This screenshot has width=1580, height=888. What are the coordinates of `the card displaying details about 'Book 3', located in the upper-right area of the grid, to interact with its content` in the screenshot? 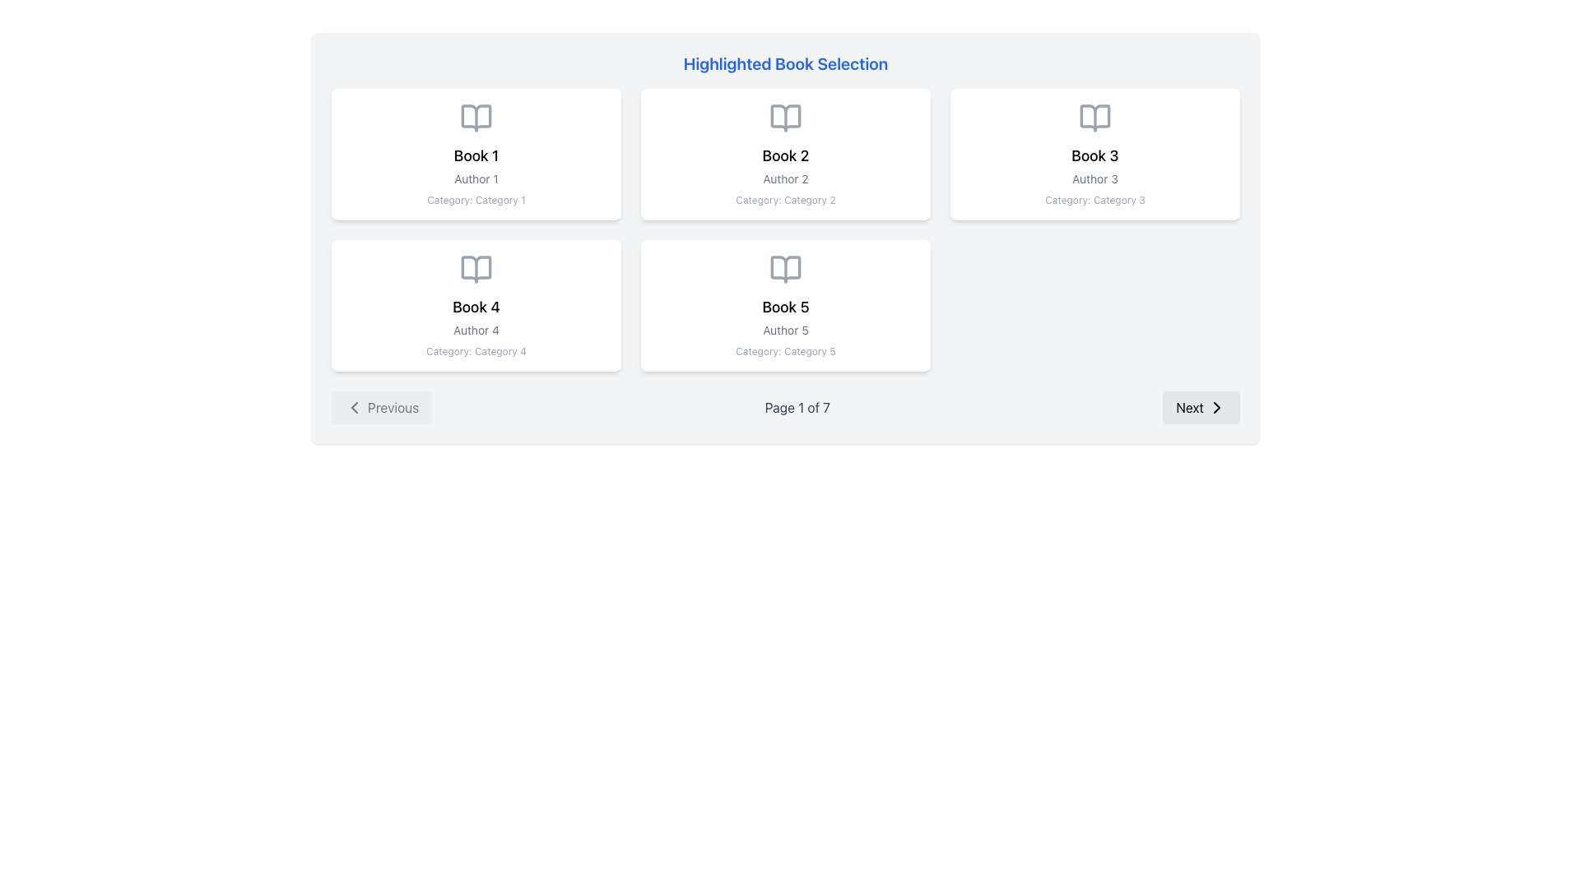 It's located at (1094, 155).